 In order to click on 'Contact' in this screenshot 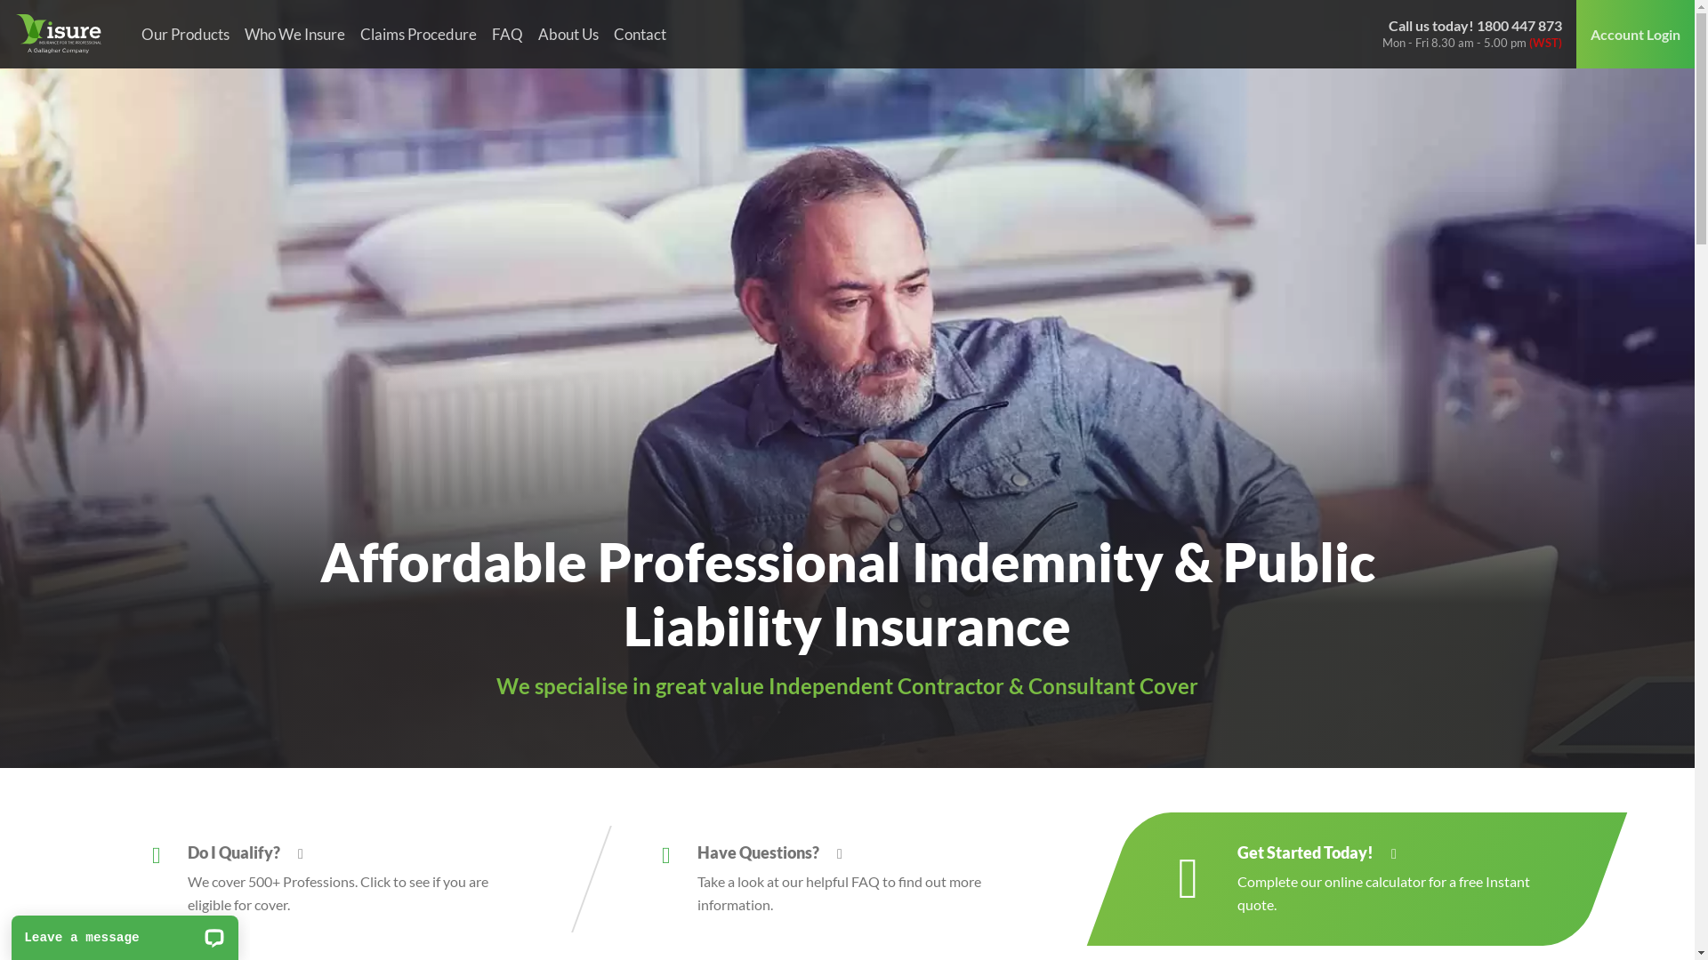, I will do `click(640, 34)`.